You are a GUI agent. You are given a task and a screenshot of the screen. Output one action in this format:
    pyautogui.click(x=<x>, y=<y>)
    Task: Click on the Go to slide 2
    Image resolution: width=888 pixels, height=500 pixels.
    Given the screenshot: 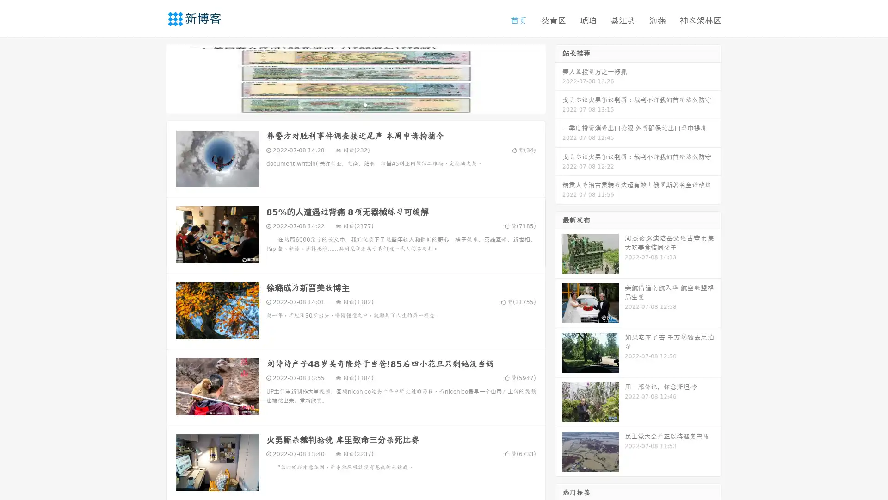 What is the action you would take?
    pyautogui.click(x=355, y=104)
    